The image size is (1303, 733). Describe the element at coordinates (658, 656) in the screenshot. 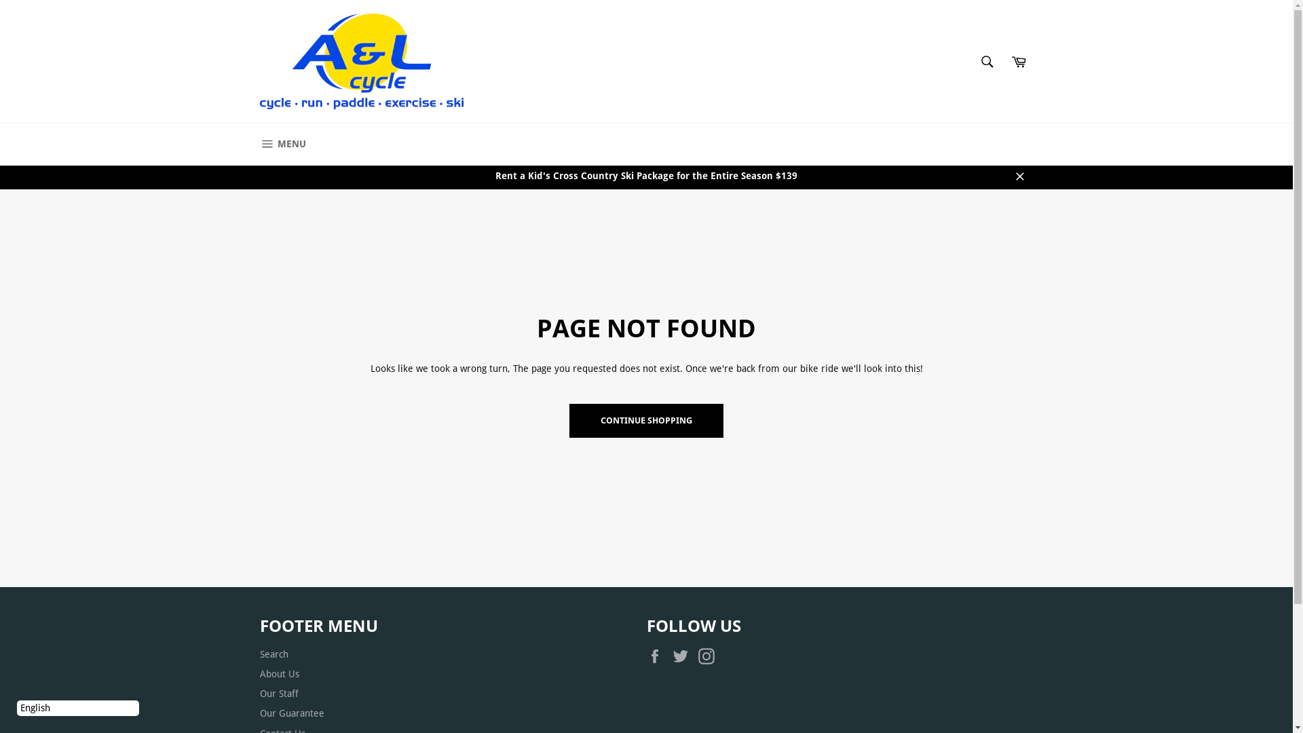

I see `'Facebook'` at that location.